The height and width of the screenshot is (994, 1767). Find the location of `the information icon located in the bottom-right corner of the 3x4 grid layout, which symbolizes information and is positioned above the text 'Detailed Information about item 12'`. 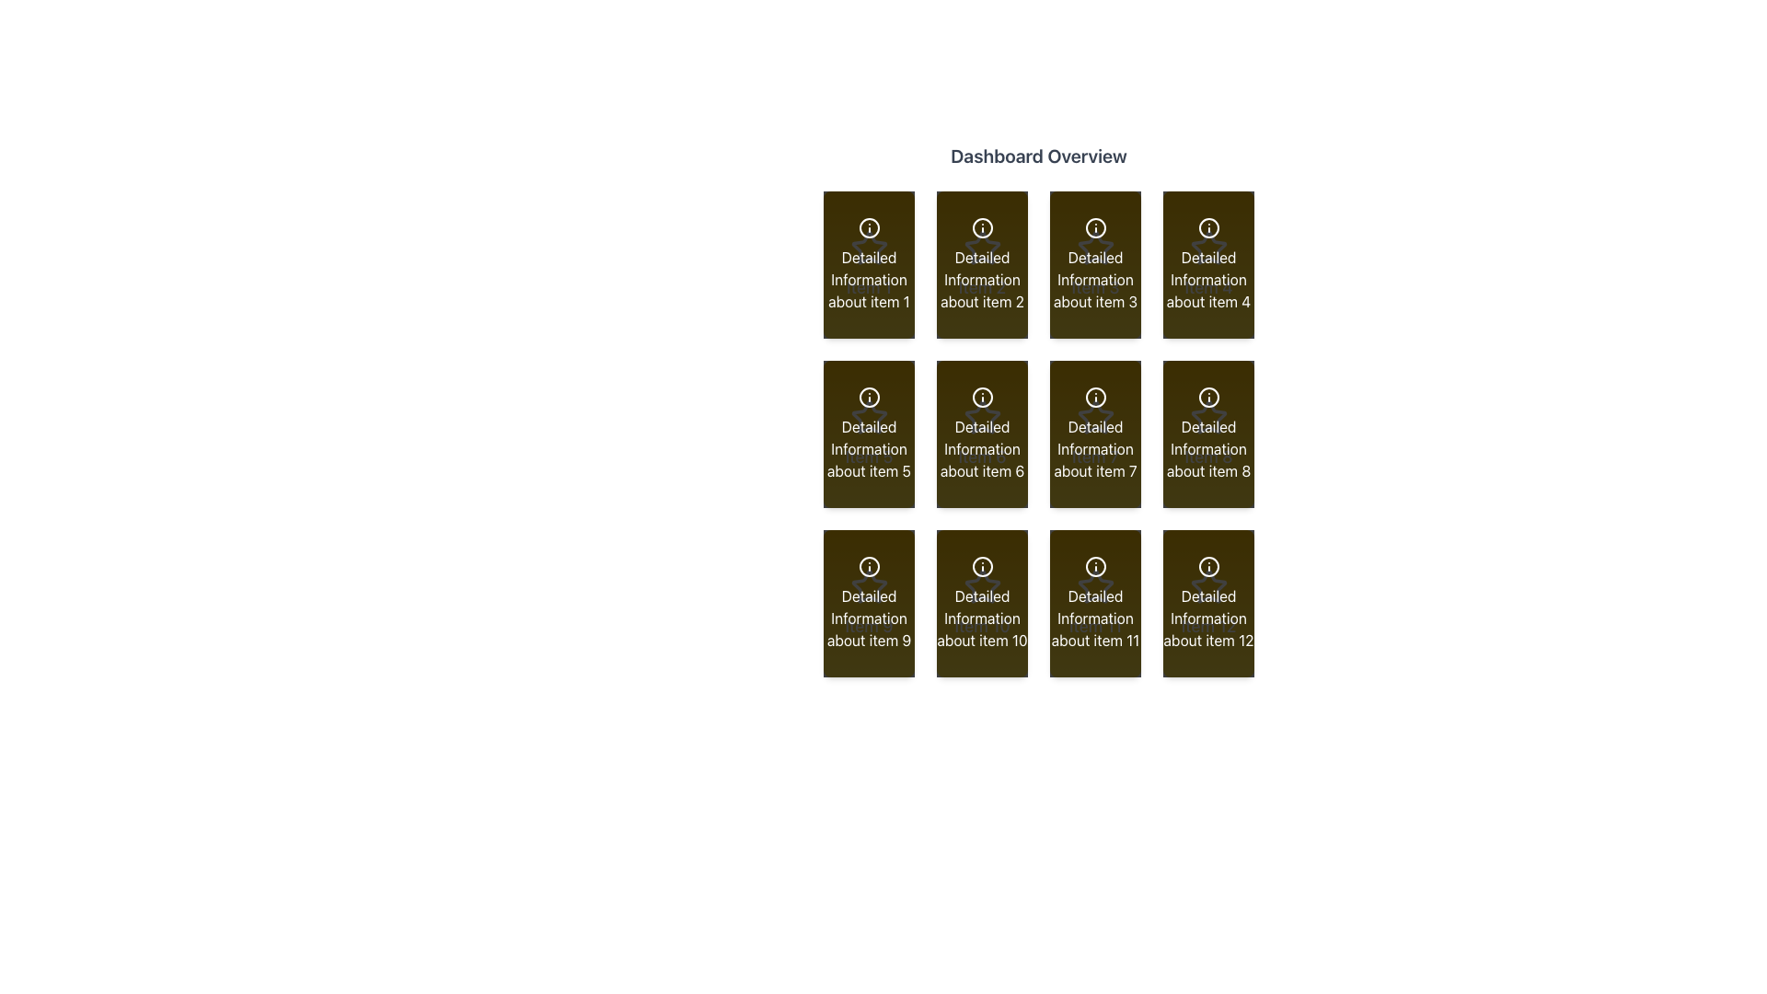

the information icon located in the bottom-right corner of the 3x4 grid layout, which symbolizes information and is positioned above the text 'Detailed Information about item 12' is located at coordinates (1208, 566).